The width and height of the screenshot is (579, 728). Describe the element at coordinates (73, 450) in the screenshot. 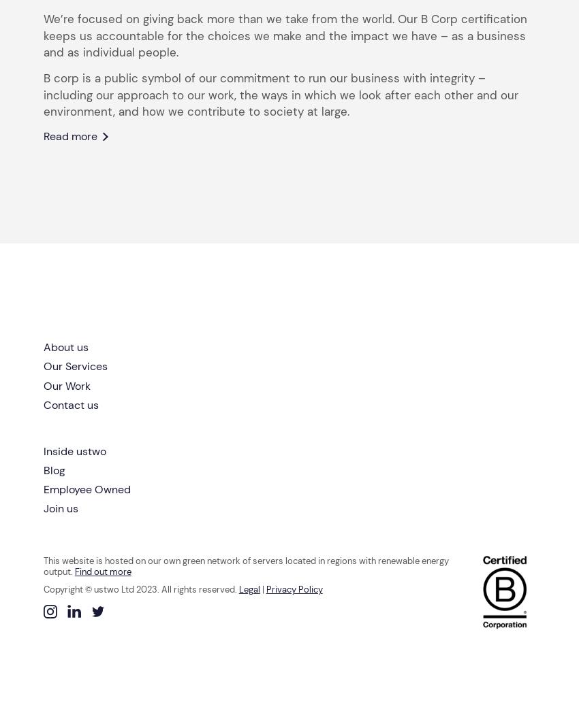

I see `'Inside ustwo'` at that location.